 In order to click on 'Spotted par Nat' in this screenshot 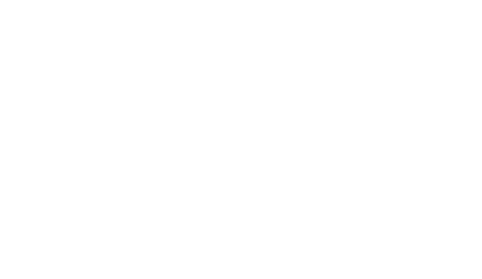, I will do `click(115, 25)`.